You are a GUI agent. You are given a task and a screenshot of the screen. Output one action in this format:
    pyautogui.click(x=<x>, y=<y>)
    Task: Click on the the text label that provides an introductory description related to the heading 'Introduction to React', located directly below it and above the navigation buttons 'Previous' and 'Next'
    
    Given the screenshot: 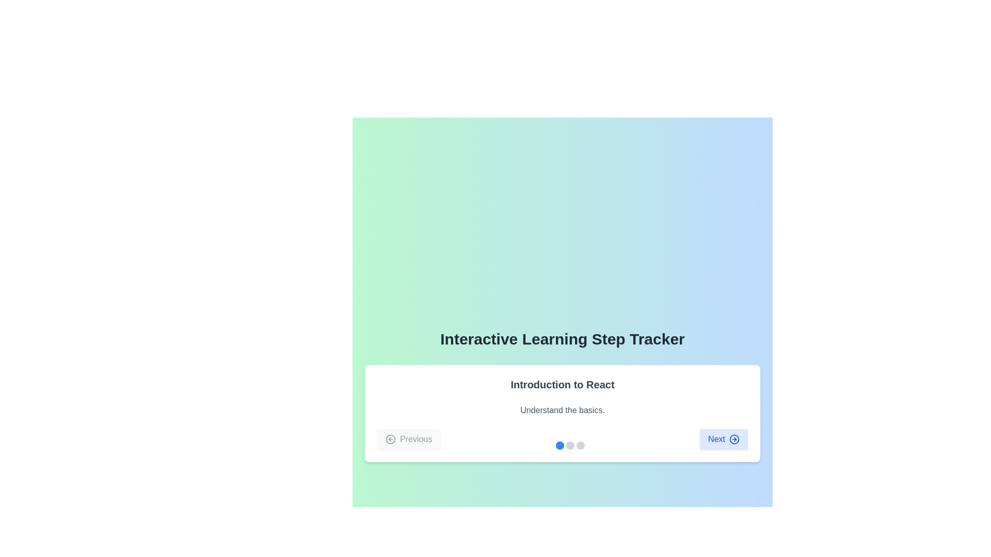 What is the action you would take?
    pyautogui.click(x=562, y=409)
    